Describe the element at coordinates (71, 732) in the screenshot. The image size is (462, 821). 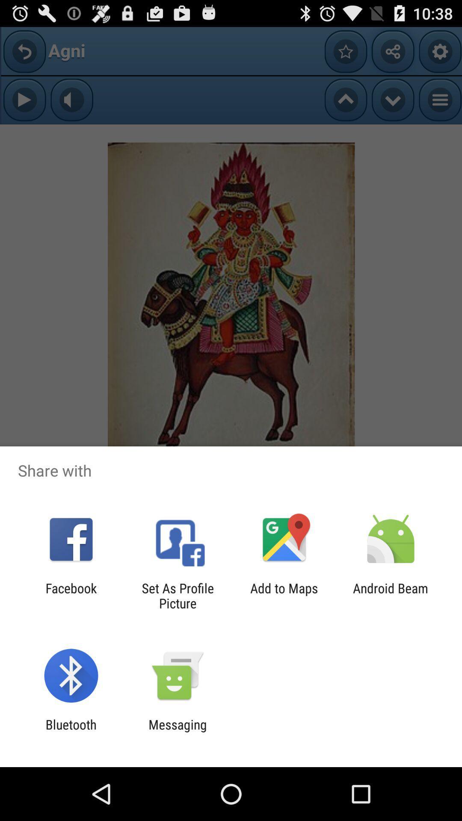
I see `the app to the left of messaging icon` at that location.